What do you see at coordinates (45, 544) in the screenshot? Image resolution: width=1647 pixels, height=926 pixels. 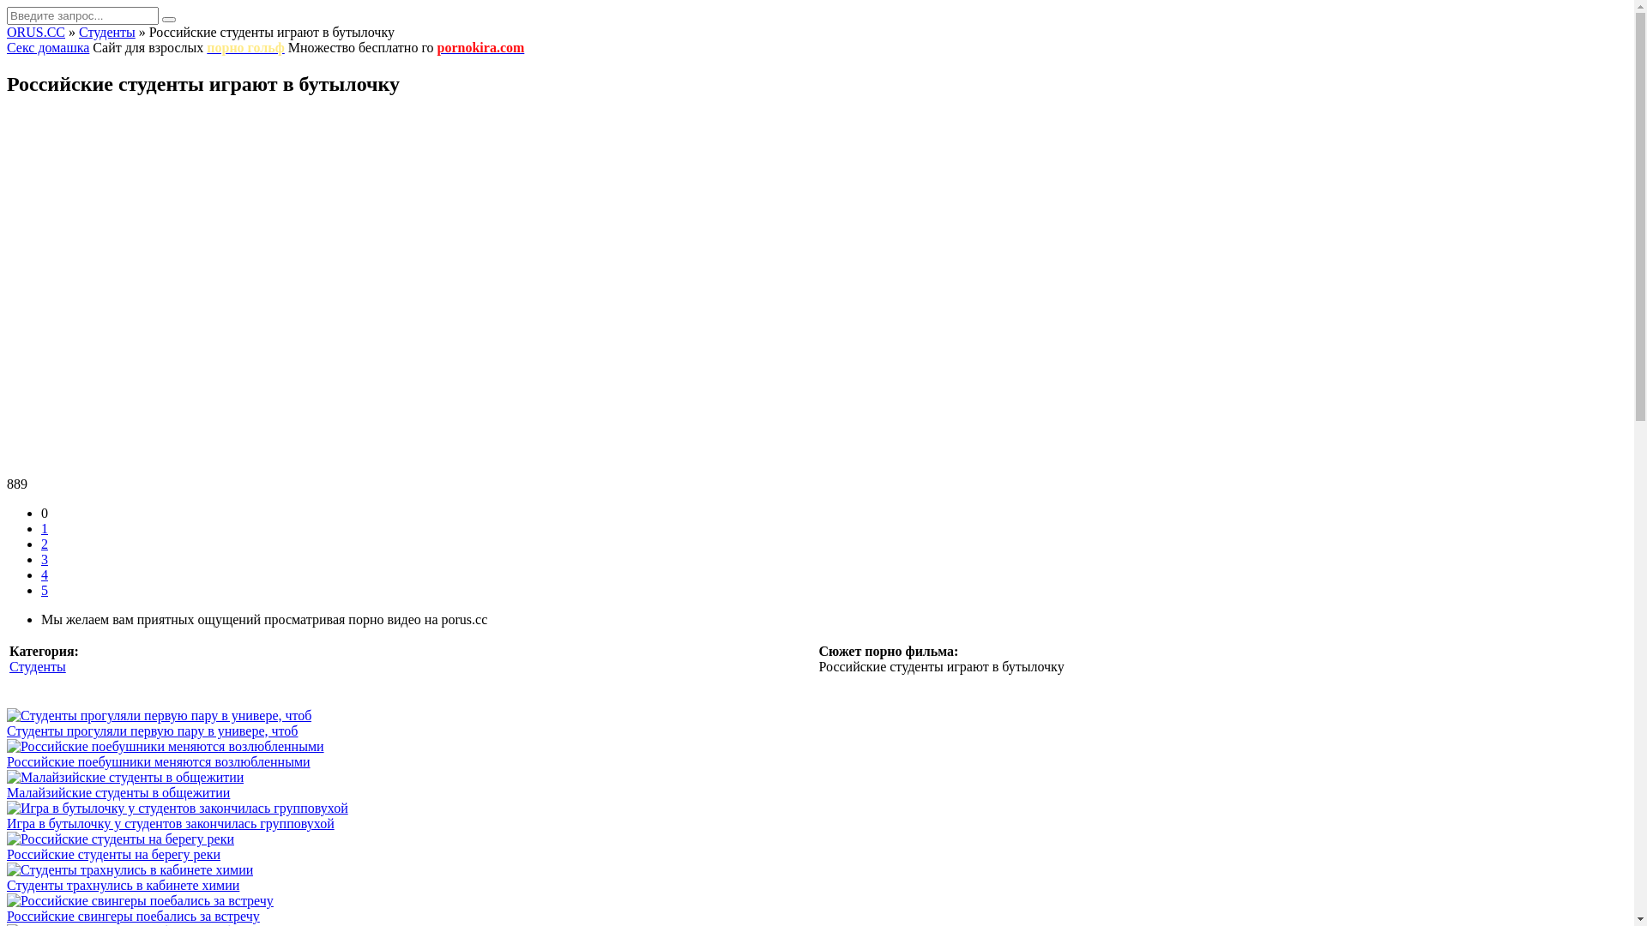 I see `'2'` at bounding box center [45, 544].